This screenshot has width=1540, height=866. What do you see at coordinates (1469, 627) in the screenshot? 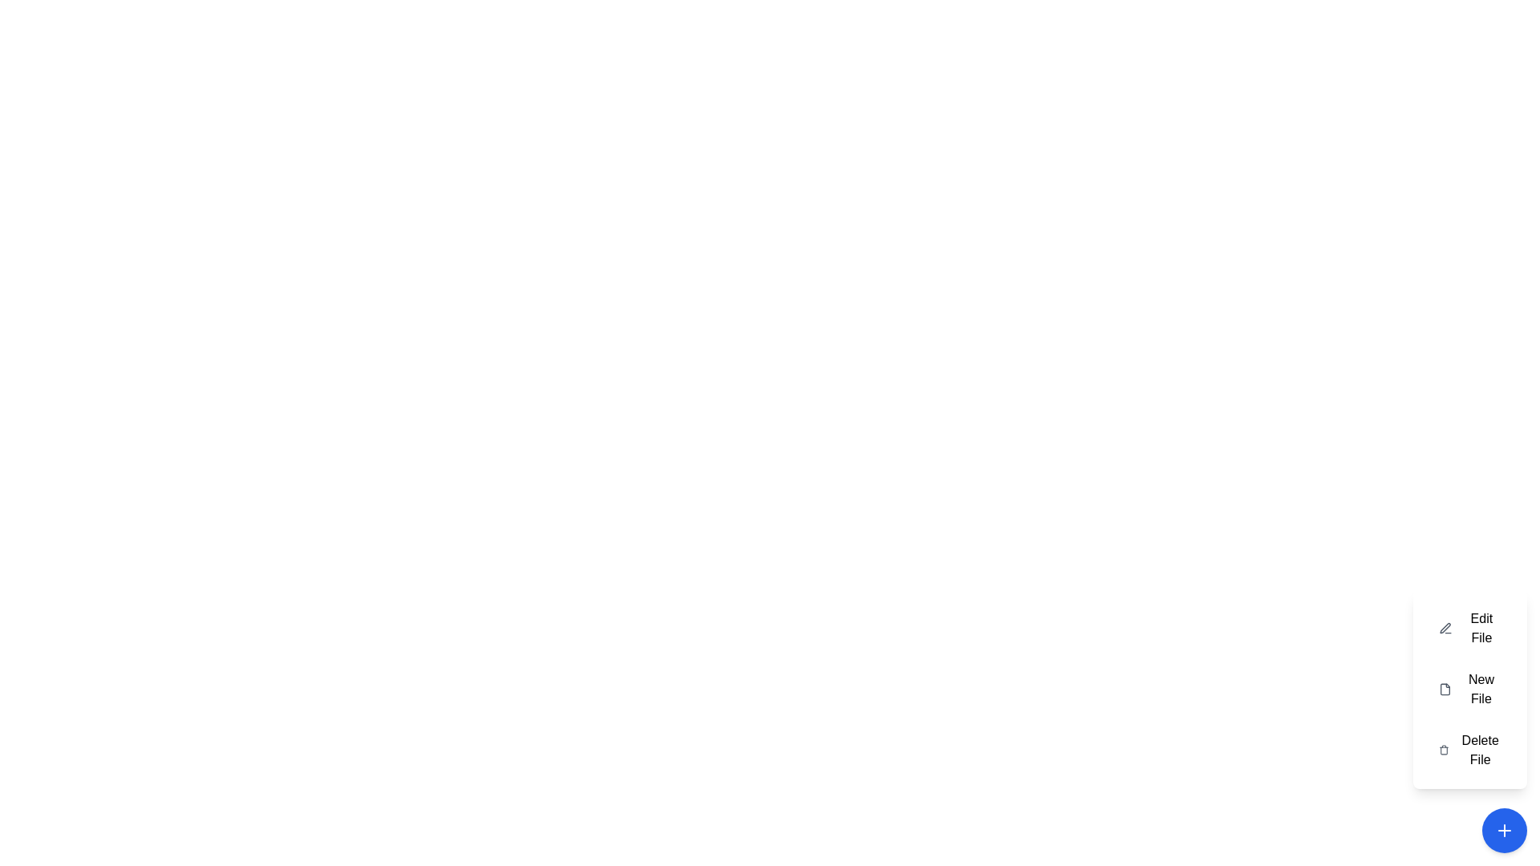
I see `the first button in the vertical menu located at the bottom-right corner of the interface` at bounding box center [1469, 627].